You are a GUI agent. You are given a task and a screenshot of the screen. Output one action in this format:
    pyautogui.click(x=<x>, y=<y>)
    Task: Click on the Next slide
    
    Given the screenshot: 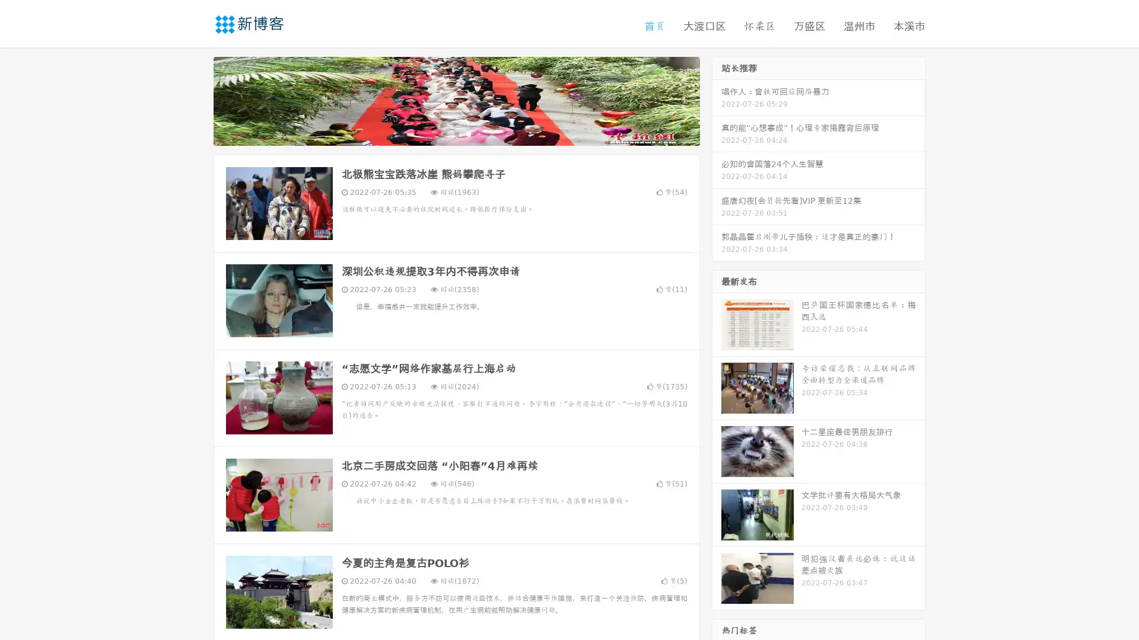 What is the action you would take?
    pyautogui.click(x=717, y=100)
    